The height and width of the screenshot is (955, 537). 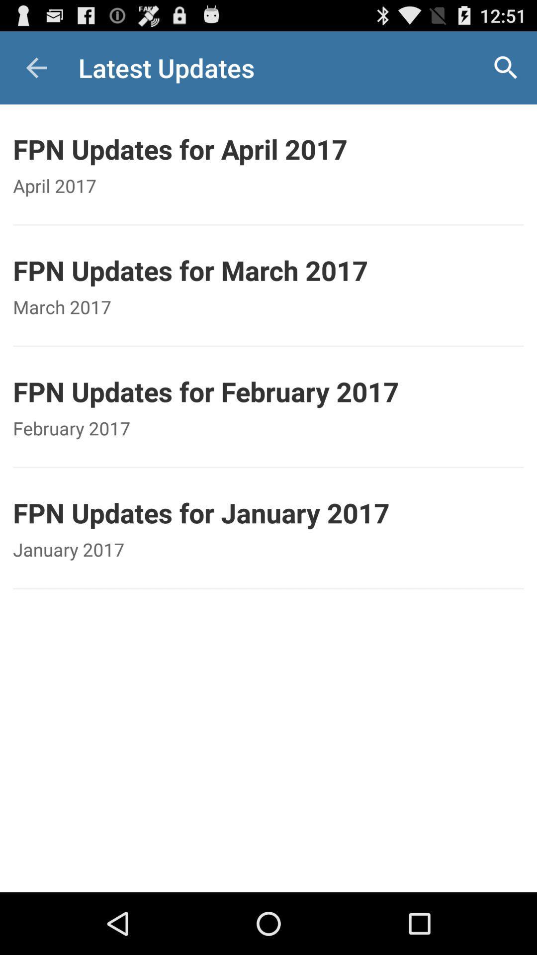 I want to click on icon at the top right corner, so click(x=506, y=67).